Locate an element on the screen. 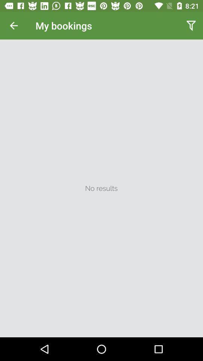 The height and width of the screenshot is (361, 203). icon at the top right corner is located at coordinates (191, 26).